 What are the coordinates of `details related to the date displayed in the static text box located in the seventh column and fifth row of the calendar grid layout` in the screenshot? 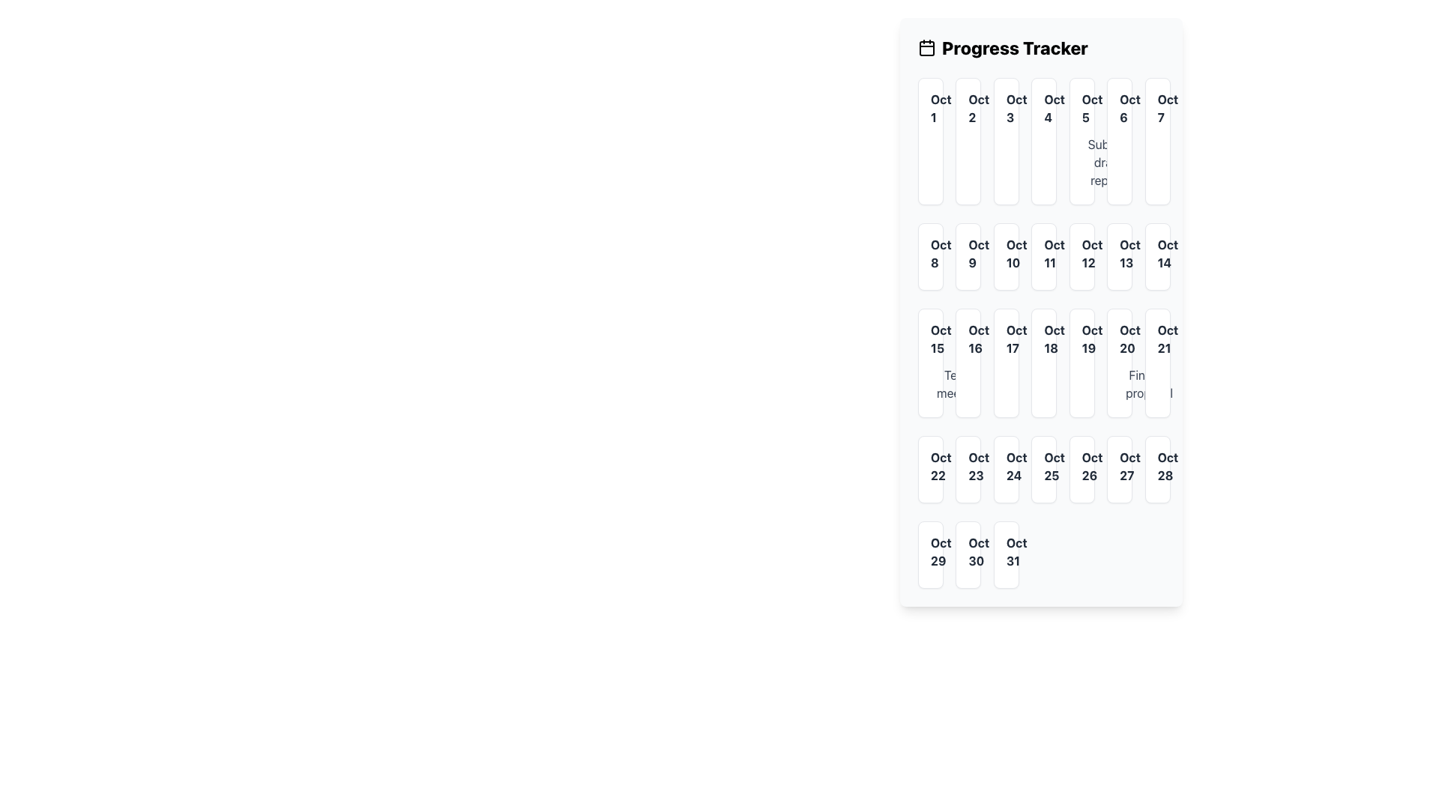 It's located at (1156, 469).